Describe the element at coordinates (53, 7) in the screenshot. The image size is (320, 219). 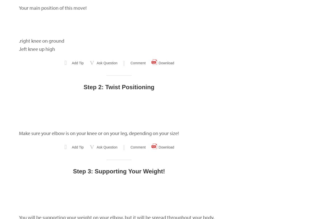
I see `'Your main position of this move!'` at that location.